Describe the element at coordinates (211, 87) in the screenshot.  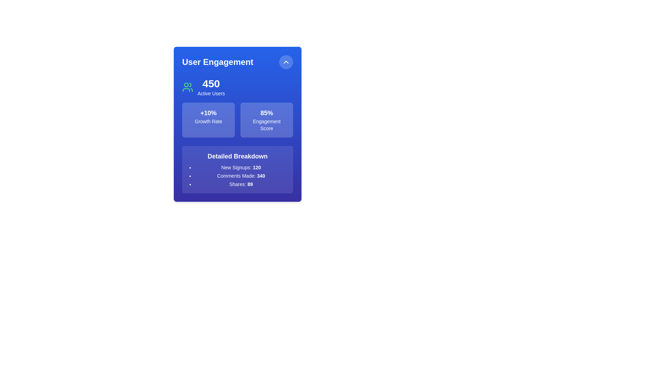
I see `the label indicating the number of active users ('450') in the upper-left region of the statistics interface card` at that location.